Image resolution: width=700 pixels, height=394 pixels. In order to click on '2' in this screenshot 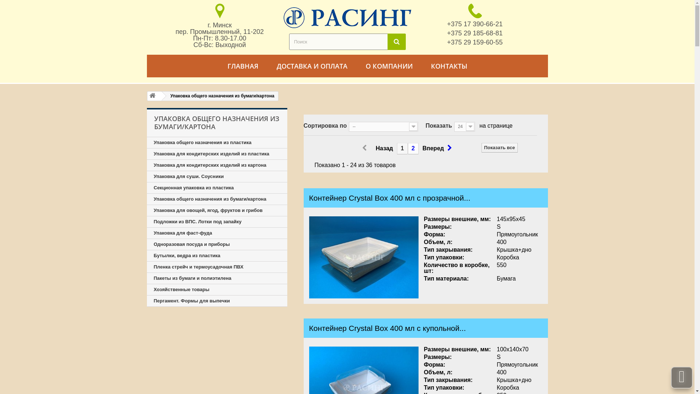, I will do `click(407, 148)`.